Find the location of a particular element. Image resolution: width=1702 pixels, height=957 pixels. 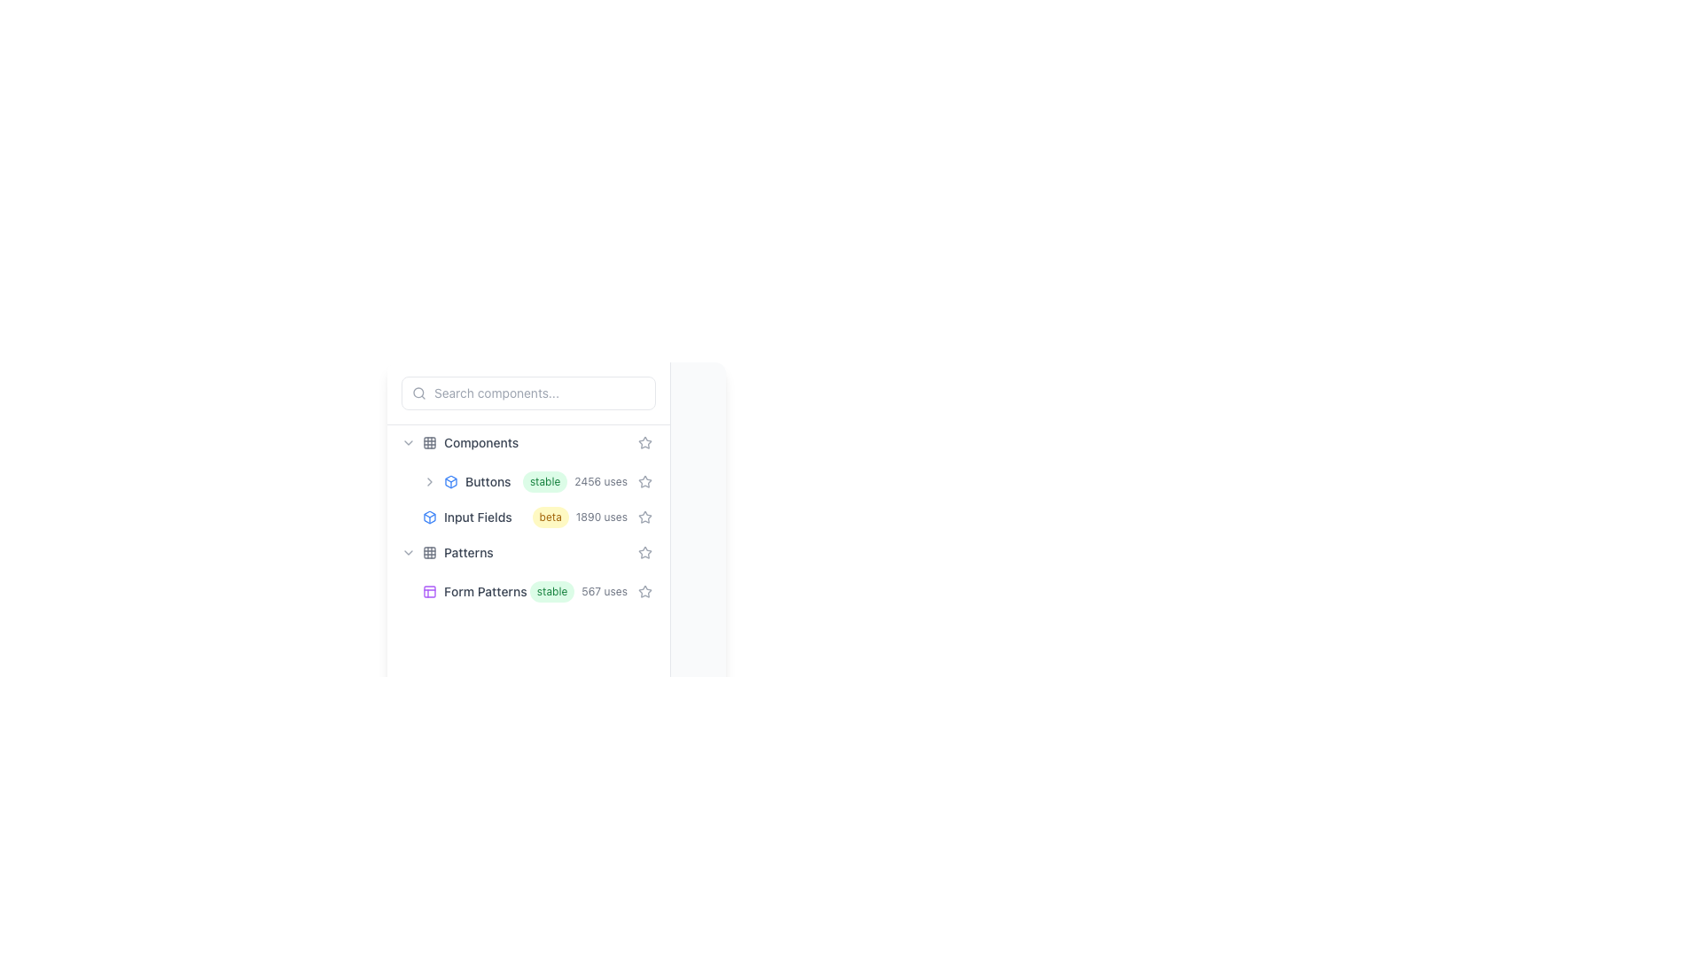

the star icon button associated with the 'Patterns' item is located at coordinates (644, 552).